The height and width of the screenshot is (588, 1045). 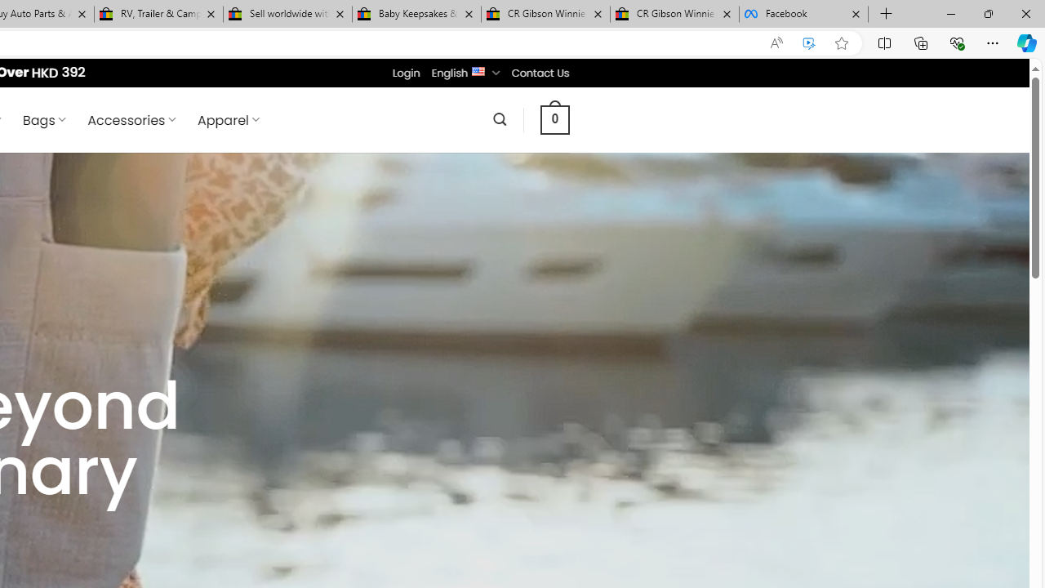 What do you see at coordinates (809, 42) in the screenshot?
I see `'Enhance video'` at bounding box center [809, 42].